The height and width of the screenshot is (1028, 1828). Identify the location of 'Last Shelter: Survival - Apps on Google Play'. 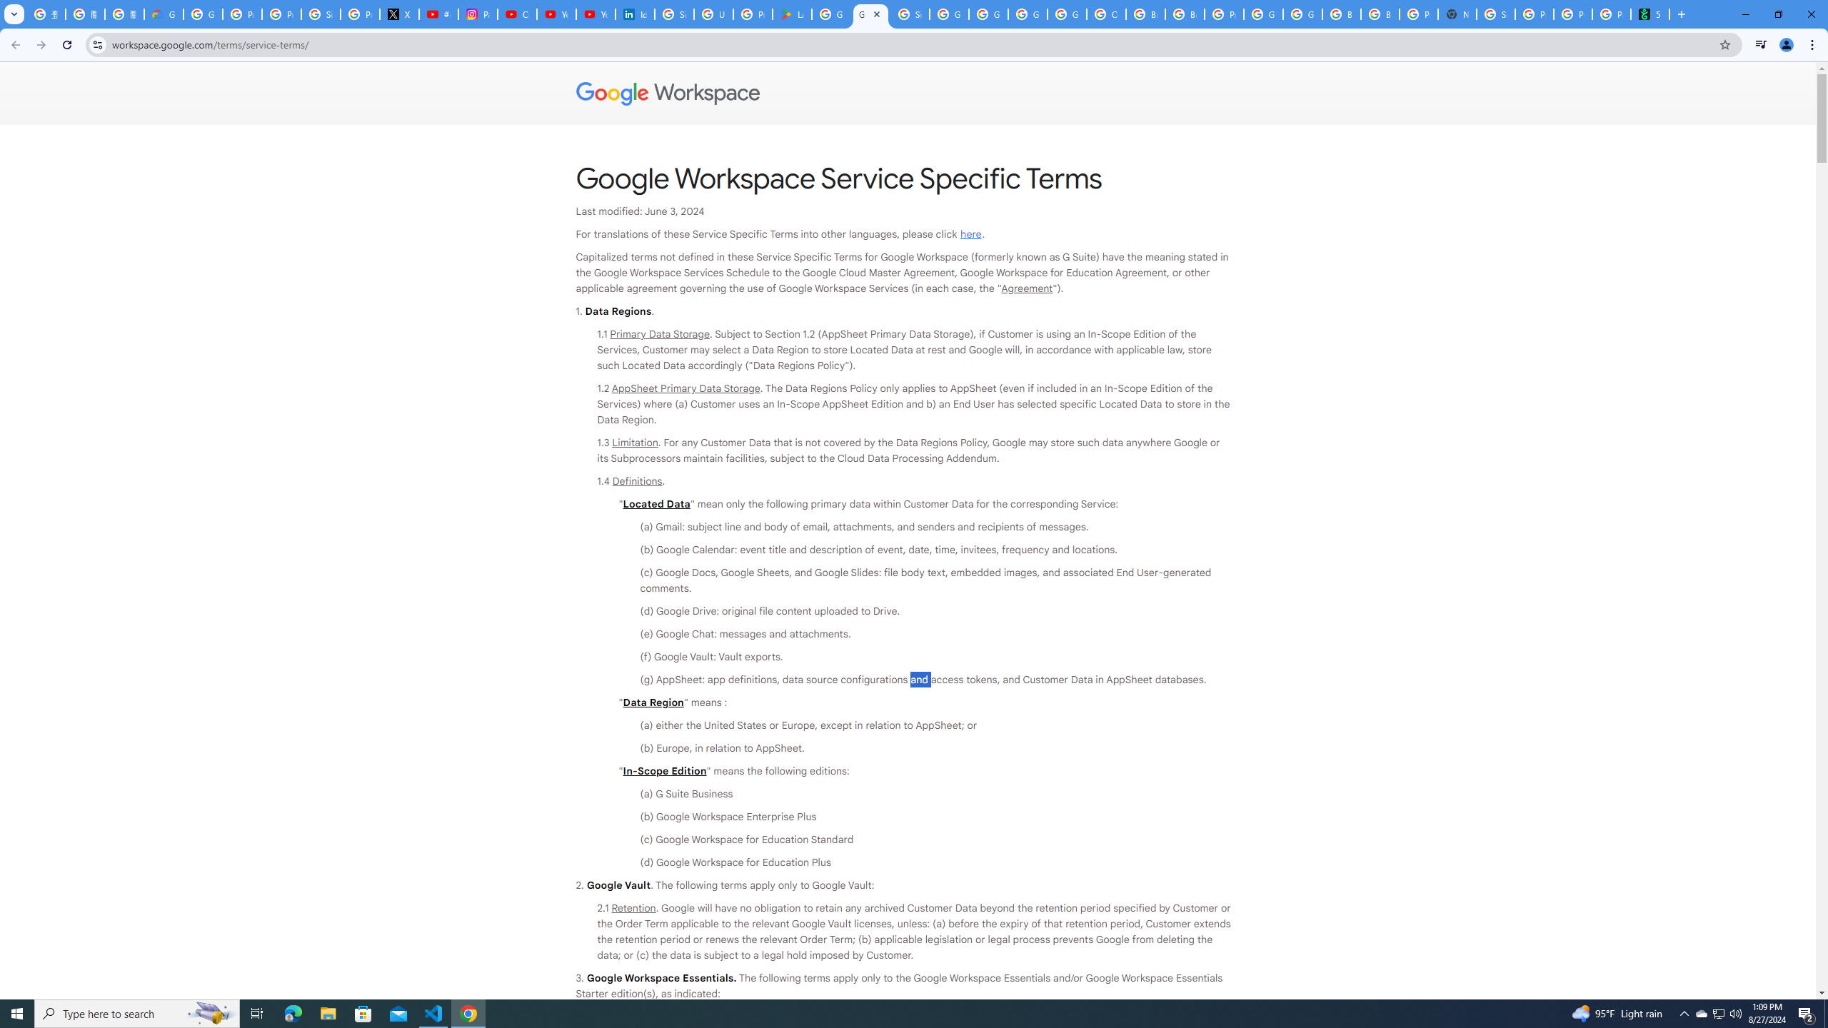
(791, 14).